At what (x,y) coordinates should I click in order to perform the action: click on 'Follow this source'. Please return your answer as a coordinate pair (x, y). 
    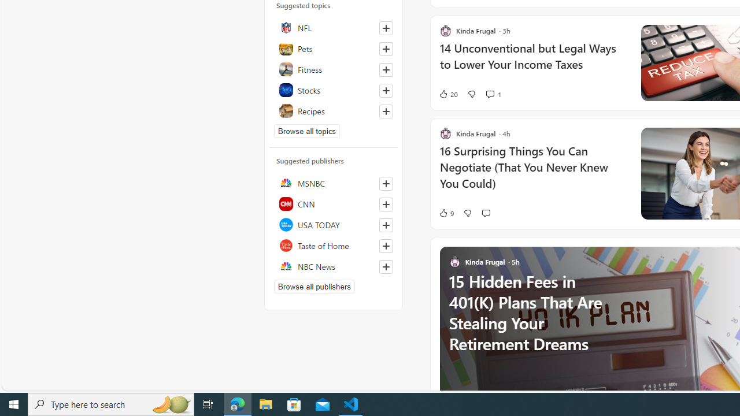
    Looking at the image, I should click on (386, 266).